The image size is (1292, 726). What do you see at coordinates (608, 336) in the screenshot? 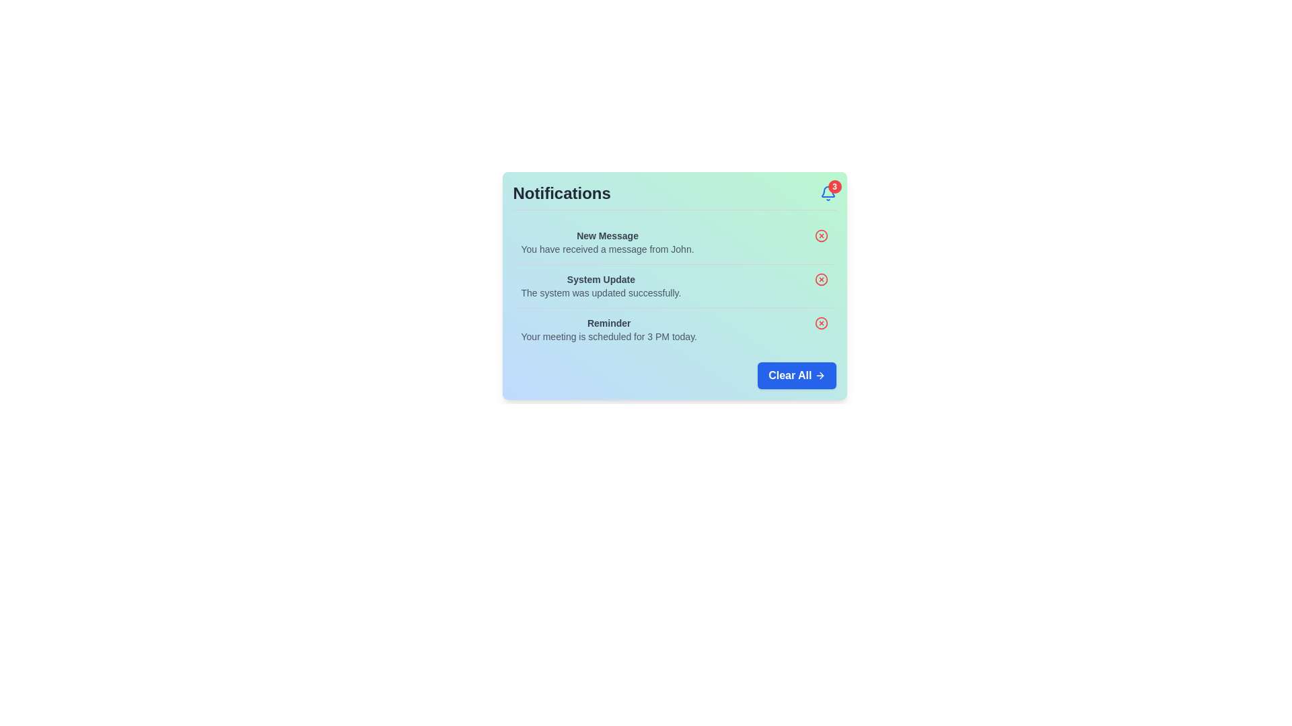
I see `the text element displaying 'Your meeting is scheduled for 3 PM today.' located below the 'Reminder' label in the Notifications panel` at bounding box center [608, 336].